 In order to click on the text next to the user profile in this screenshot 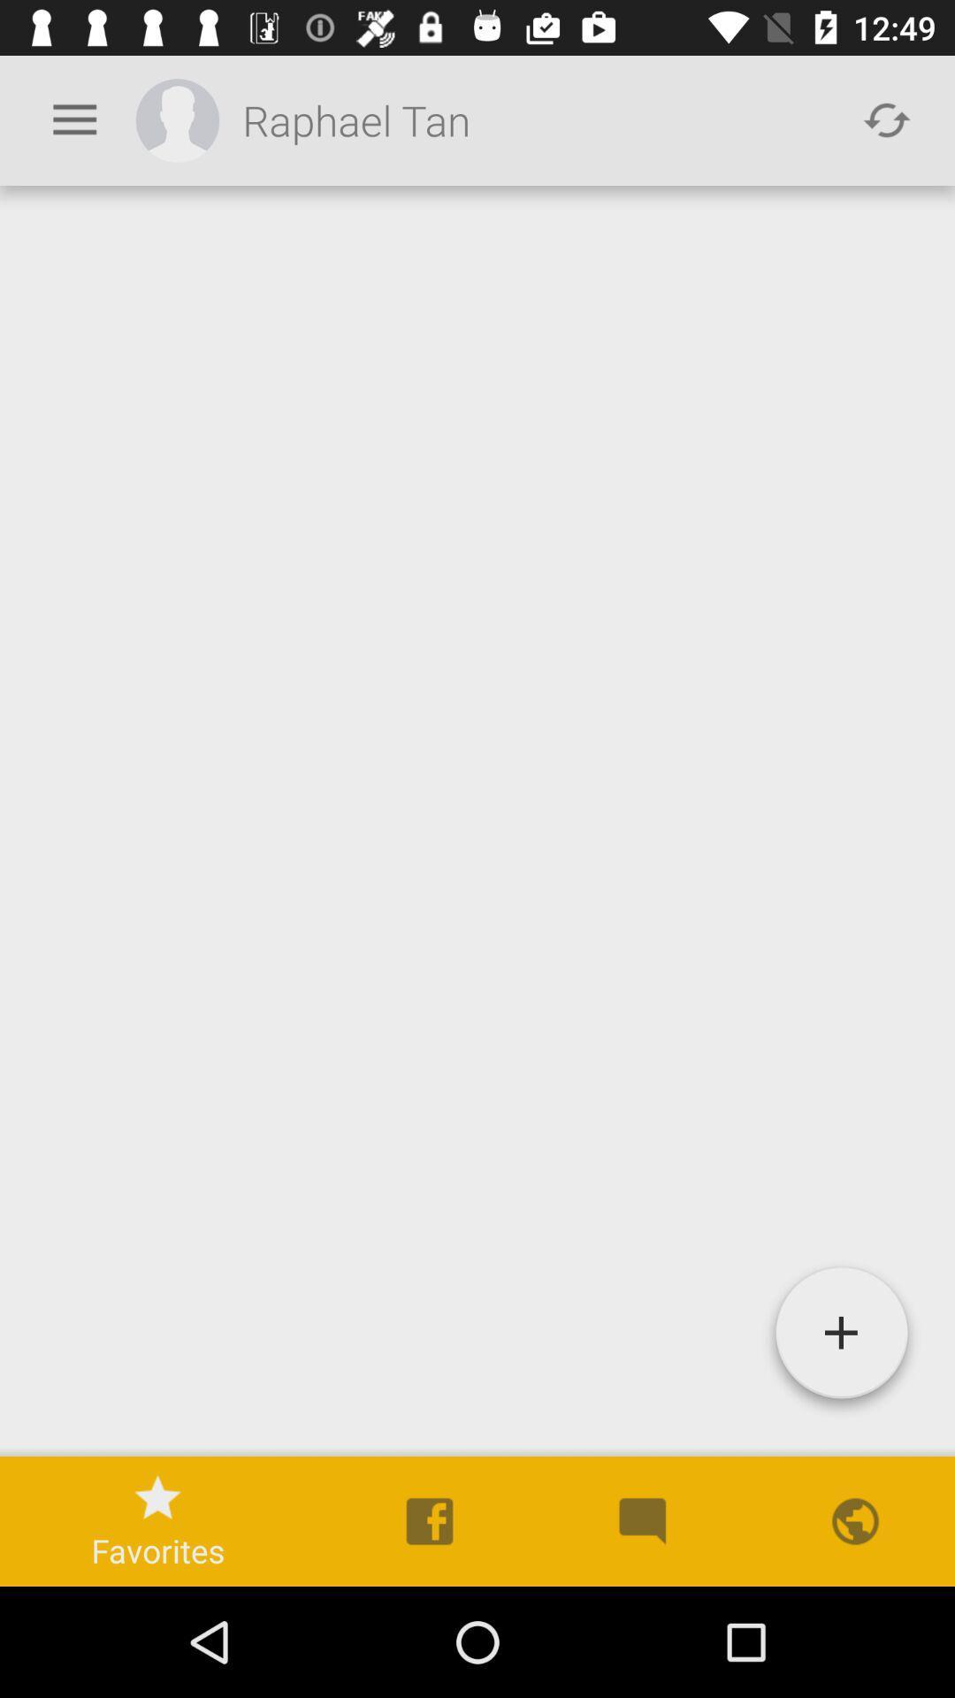, I will do `click(538, 119)`.